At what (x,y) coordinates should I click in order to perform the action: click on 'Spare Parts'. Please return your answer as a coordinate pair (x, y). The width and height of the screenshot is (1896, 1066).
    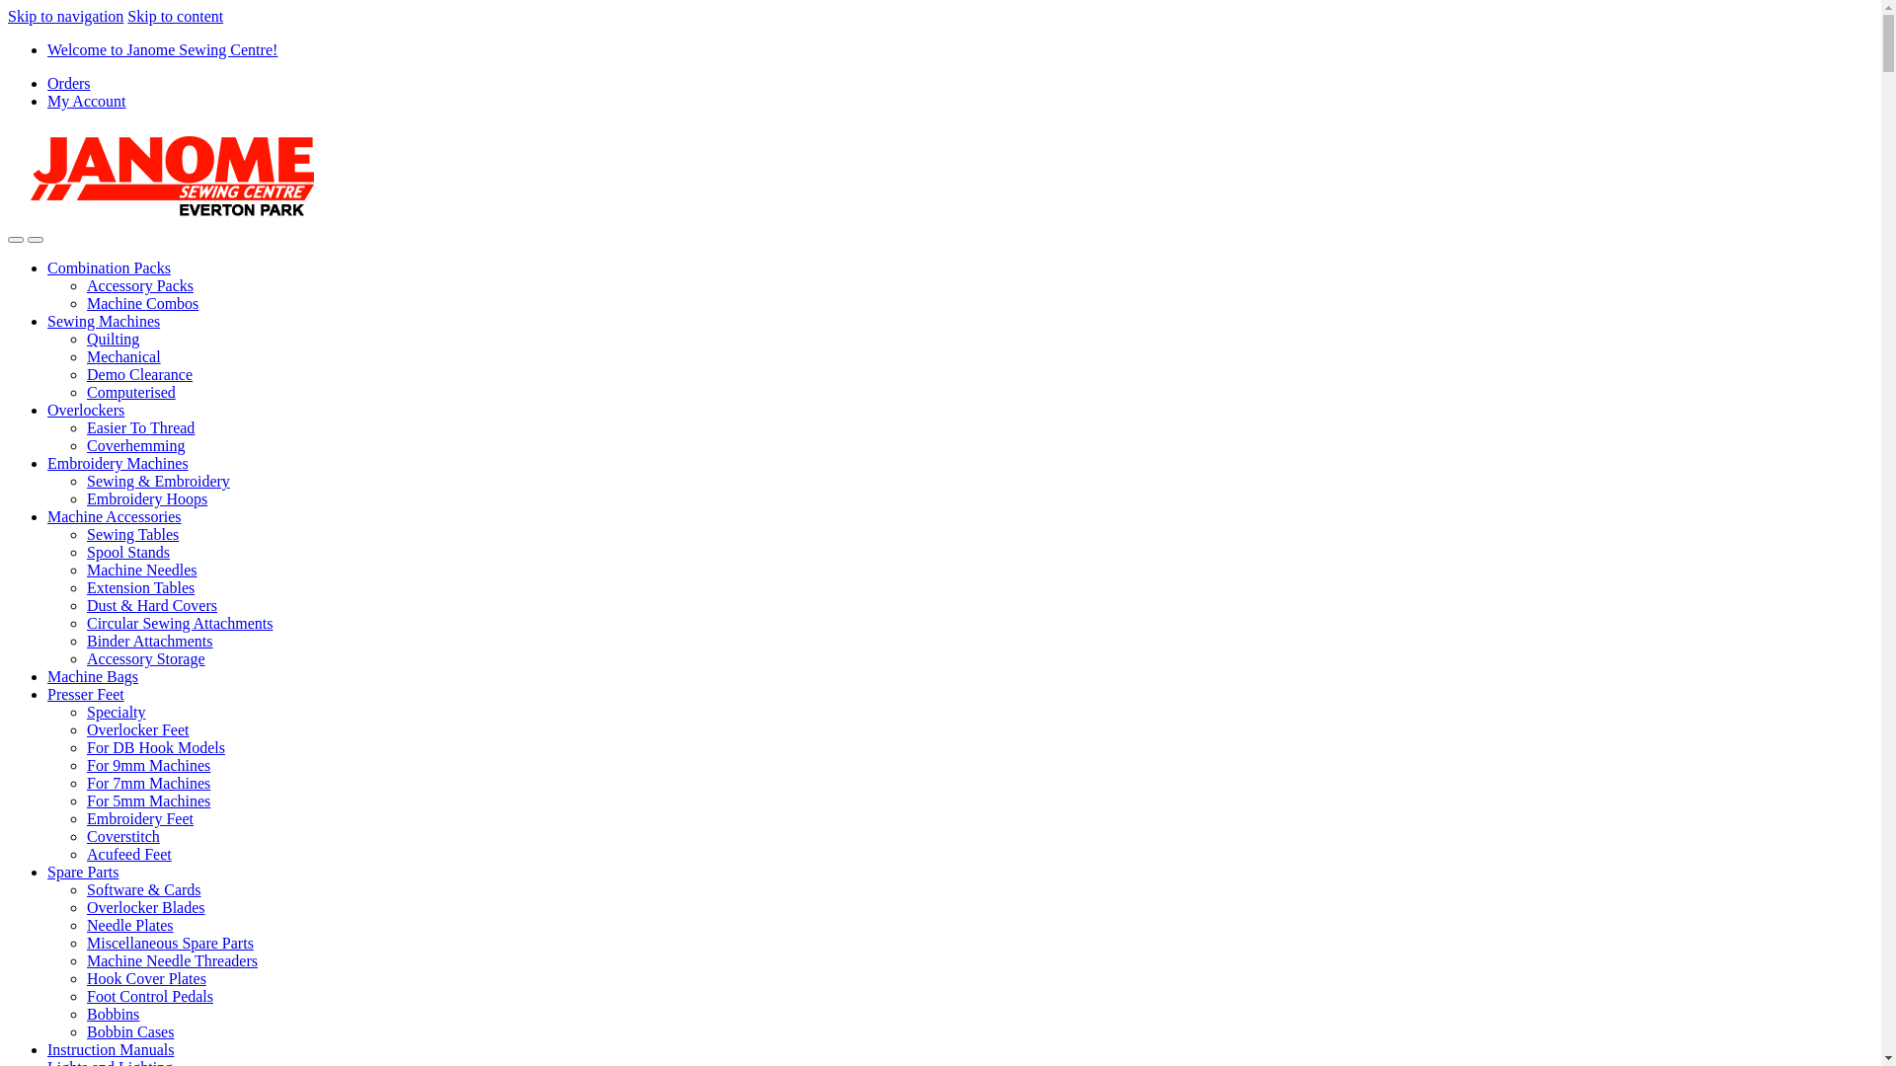
    Looking at the image, I should click on (47, 871).